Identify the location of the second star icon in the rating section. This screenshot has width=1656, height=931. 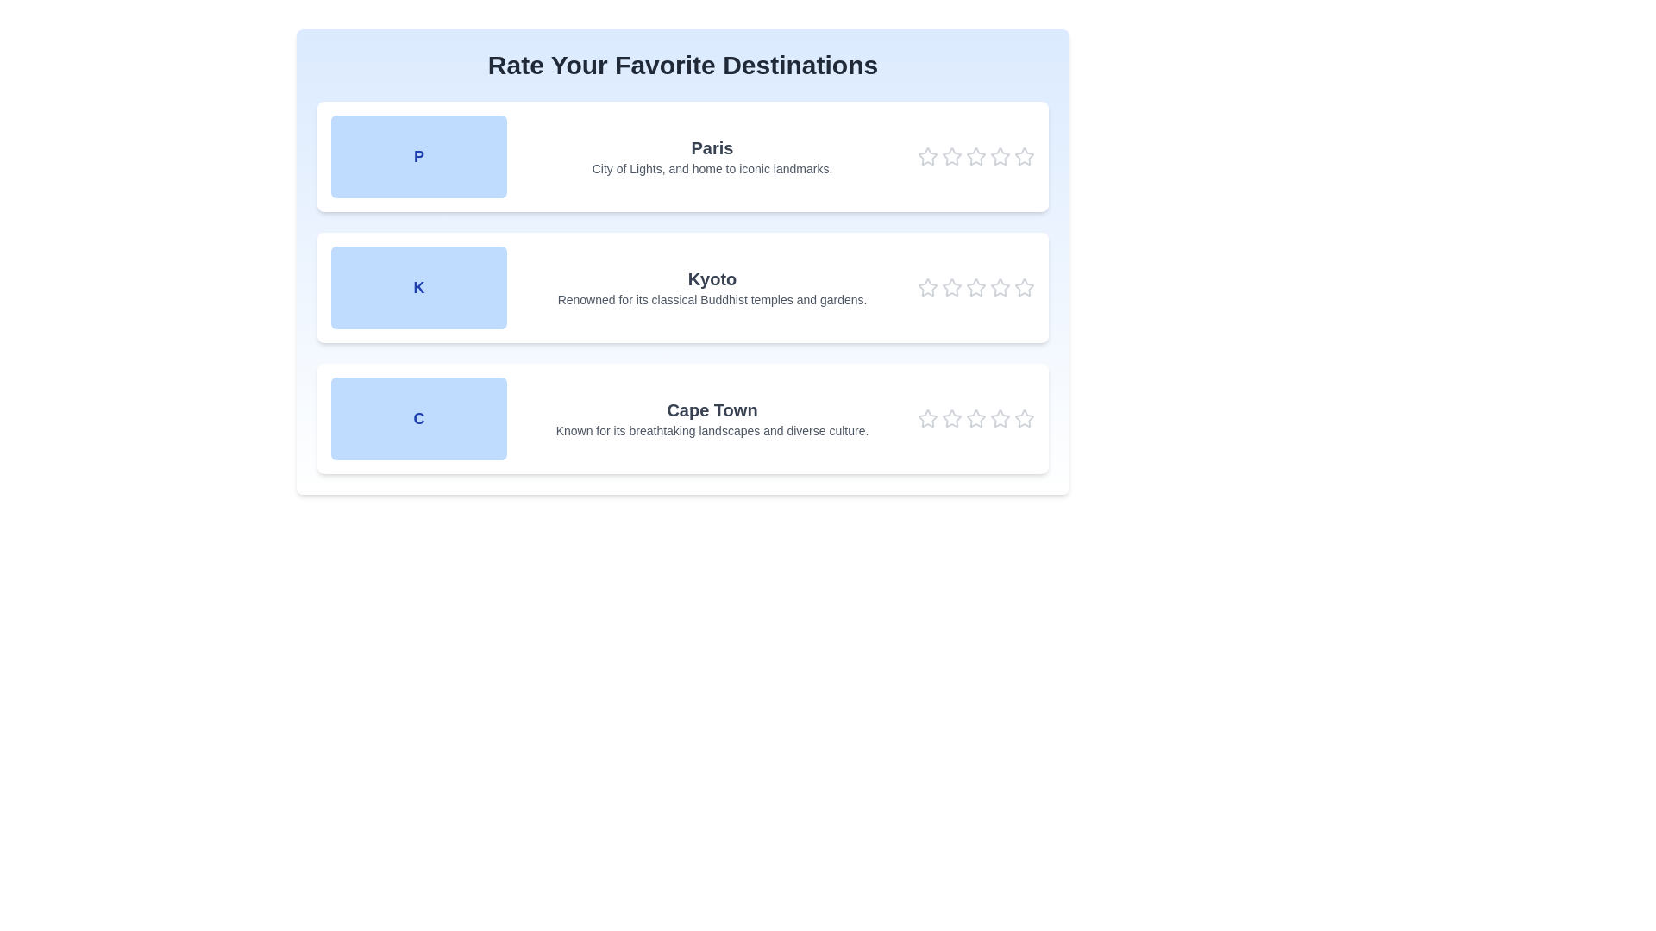
(976, 286).